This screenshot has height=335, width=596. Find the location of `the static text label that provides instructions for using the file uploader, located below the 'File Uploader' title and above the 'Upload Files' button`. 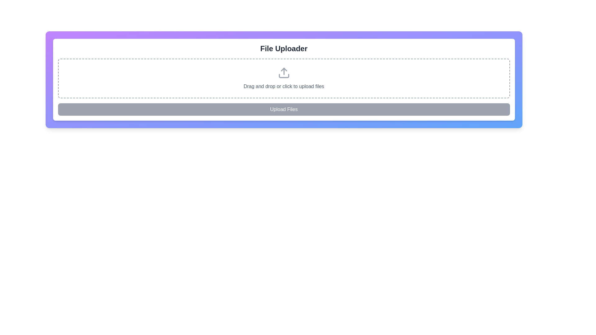

the static text label that provides instructions for using the file uploader, located below the 'File Uploader' title and above the 'Upload Files' button is located at coordinates (283, 86).